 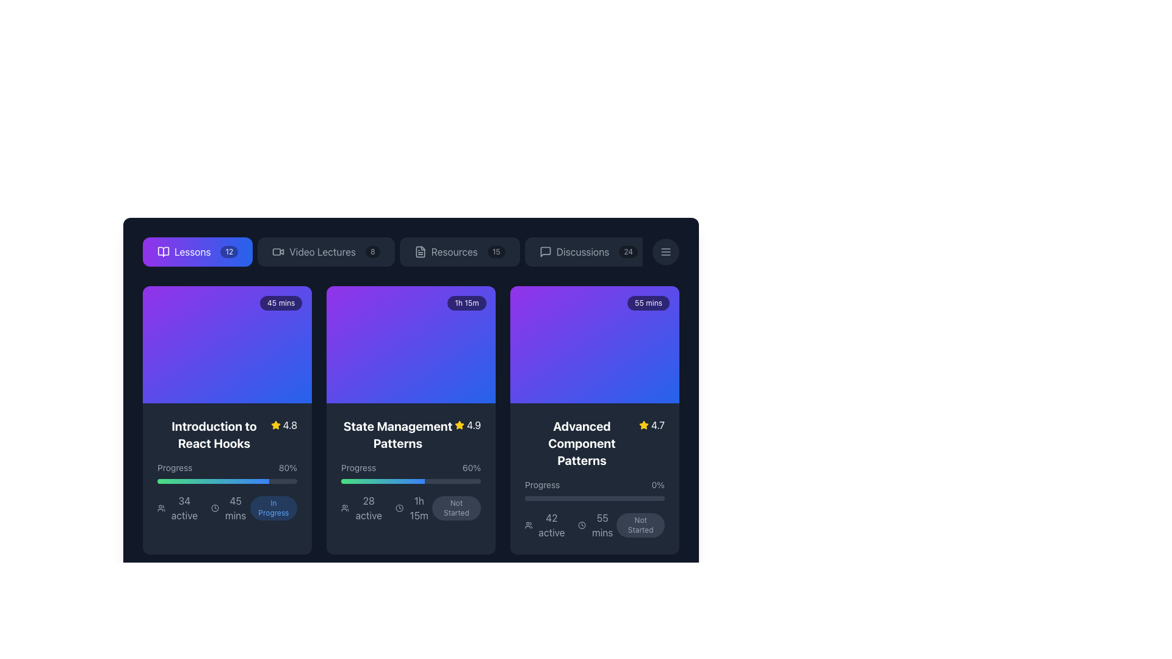 I want to click on the text label showing the rating value '4.9', which is styled in white and positioned next to a star icon within the 'State Management Patterns' card, so click(x=473, y=425).